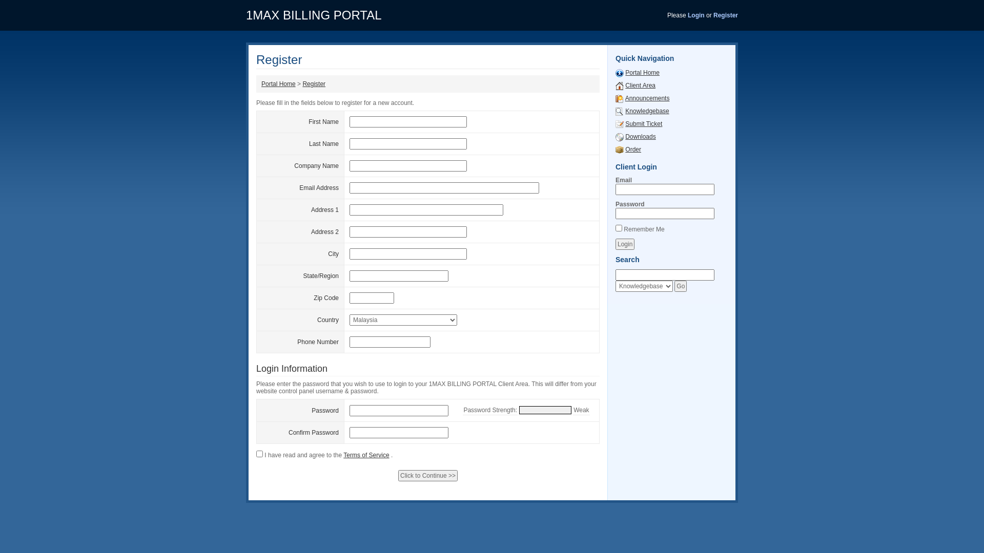 The width and height of the screenshot is (984, 553). What do you see at coordinates (624, 98) in the screenshot?
I see `'Announcements'` at bounding box center [624, 98].